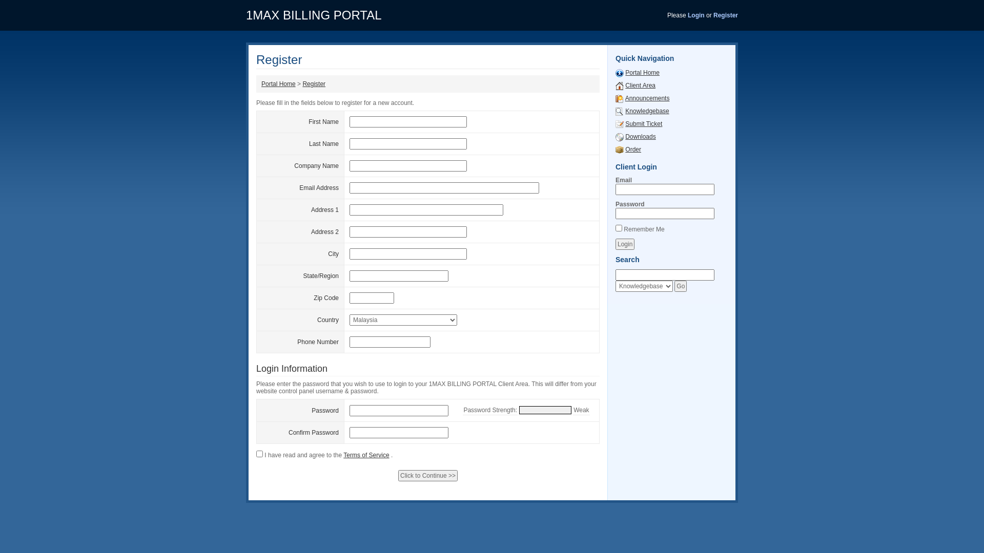 The width and height of the screenshot is (984, 553). What do you see at coordinates (624, 98) in the screenshot?
I see `'Announcements'` at bounding box center [624, 98].